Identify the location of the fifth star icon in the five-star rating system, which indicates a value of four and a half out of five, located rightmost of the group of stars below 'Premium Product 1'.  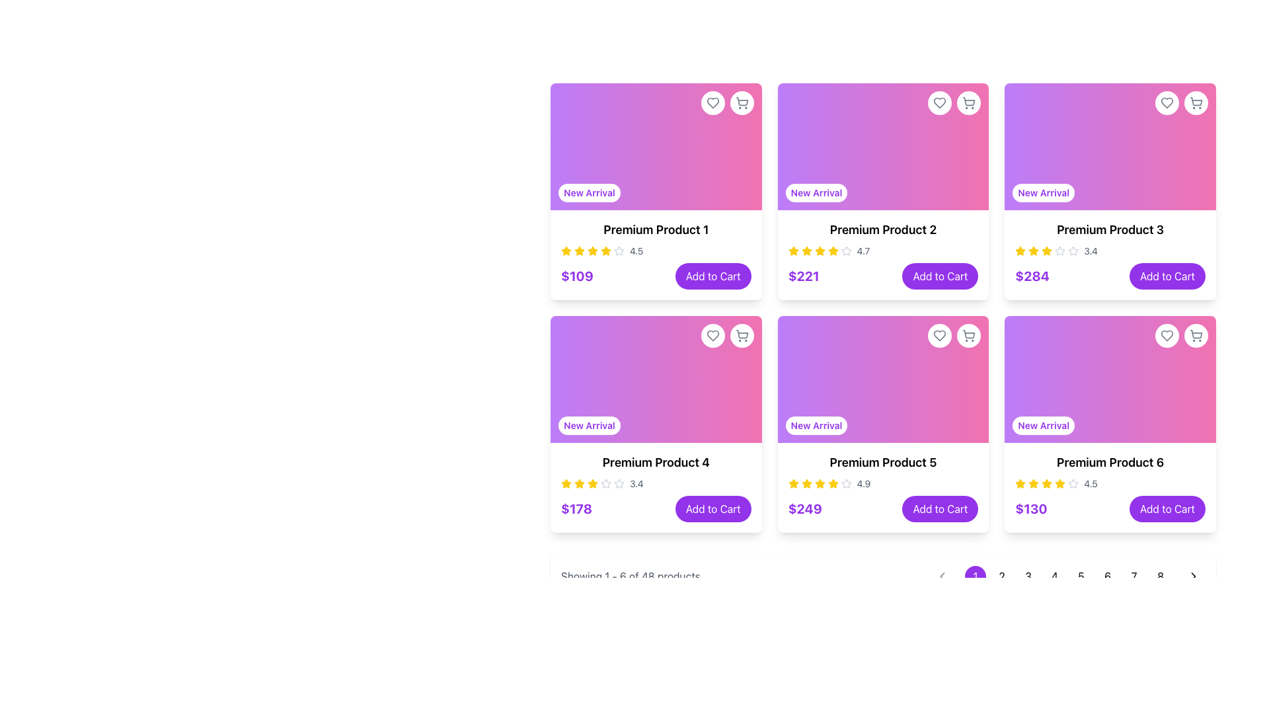
(618, 251).